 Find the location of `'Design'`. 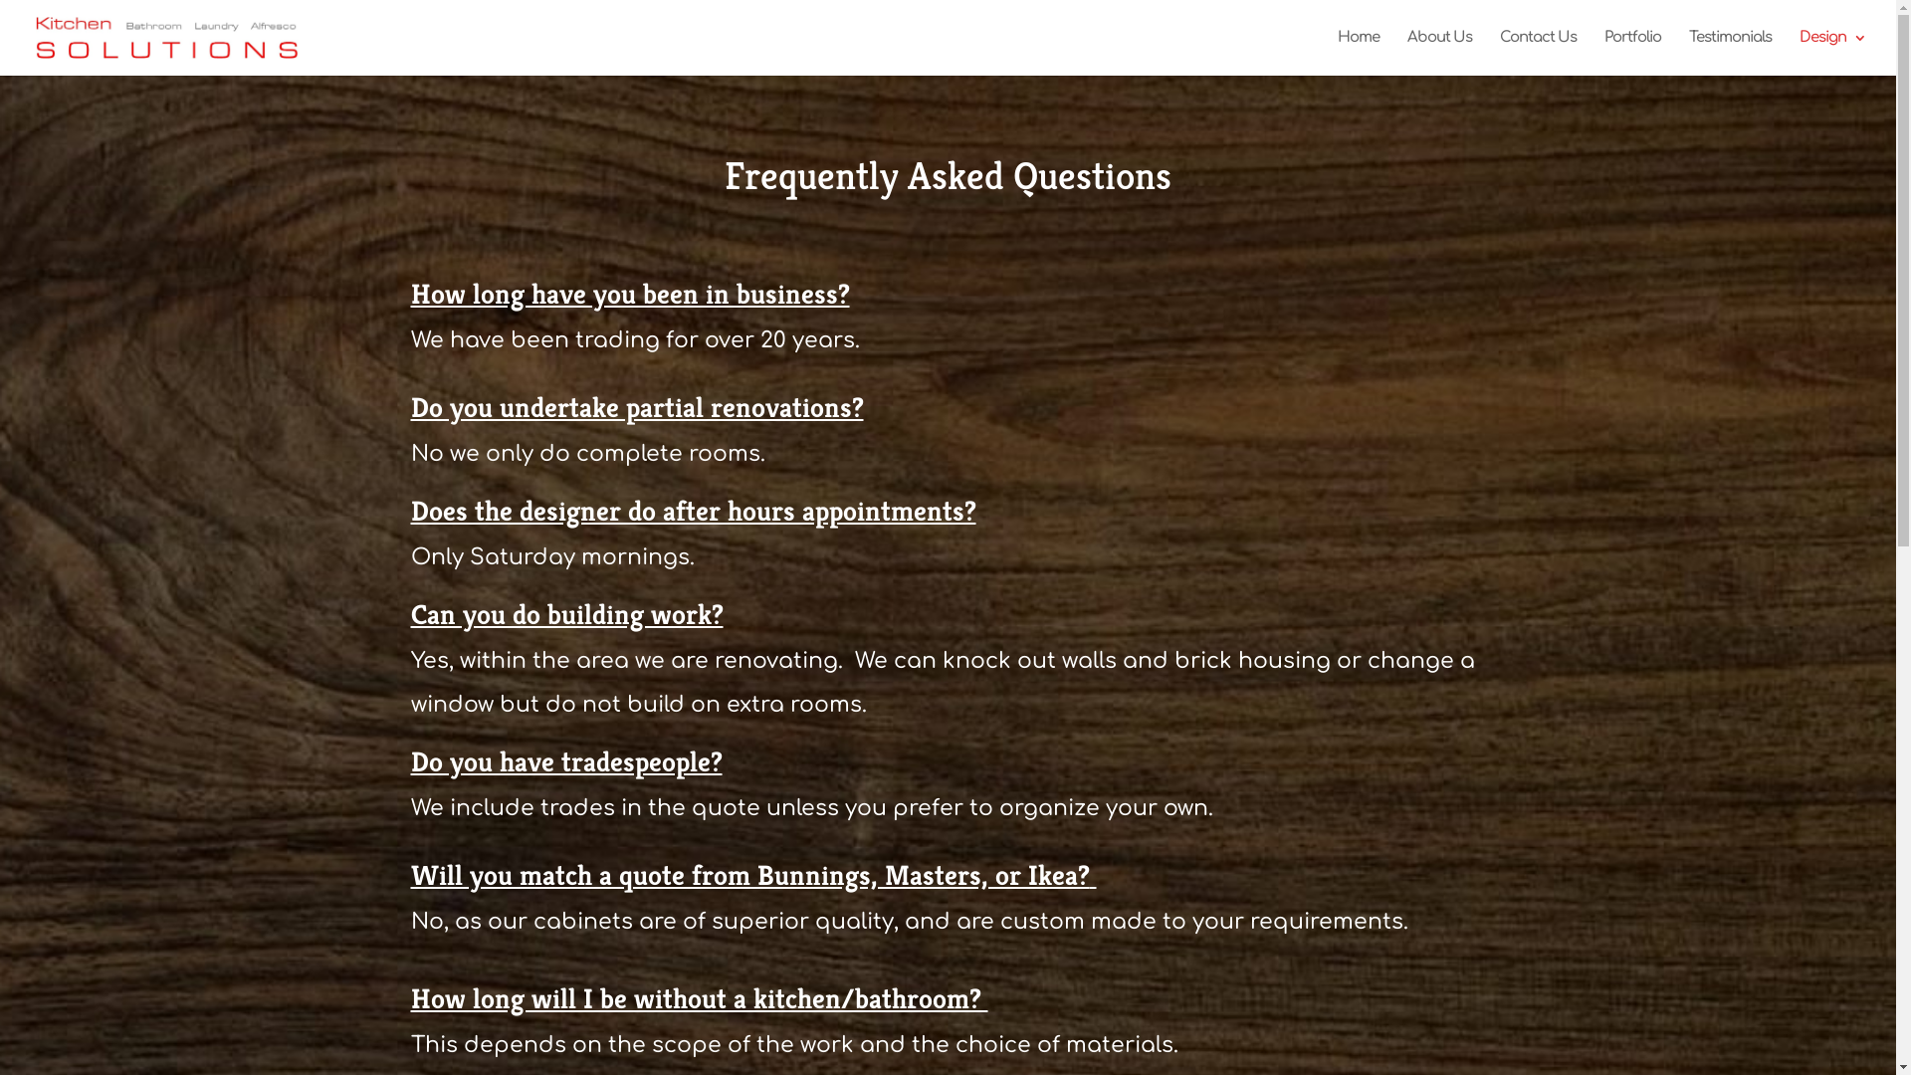

'Design' is located at coordinates (1831, 52).